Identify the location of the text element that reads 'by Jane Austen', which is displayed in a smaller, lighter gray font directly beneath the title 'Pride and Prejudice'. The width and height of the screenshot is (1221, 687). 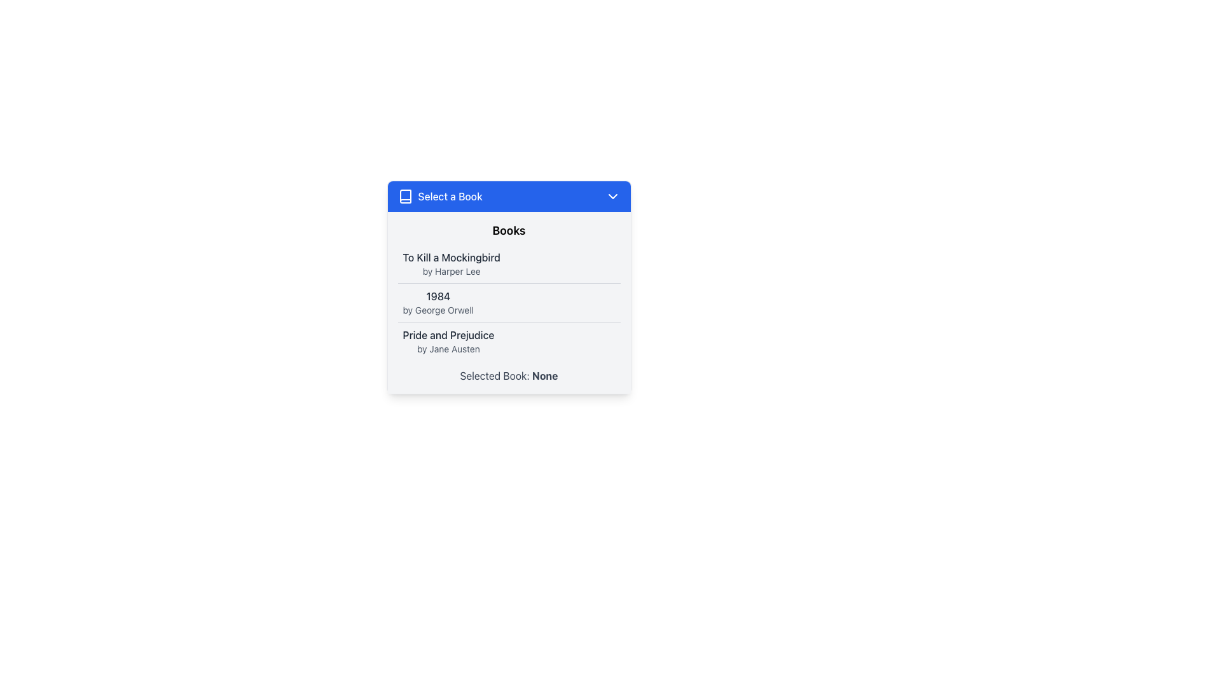
(448, 349).